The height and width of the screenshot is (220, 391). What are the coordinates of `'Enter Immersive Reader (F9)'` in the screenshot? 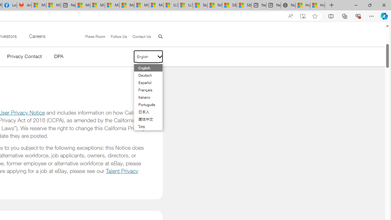 It's located at (303, 16).